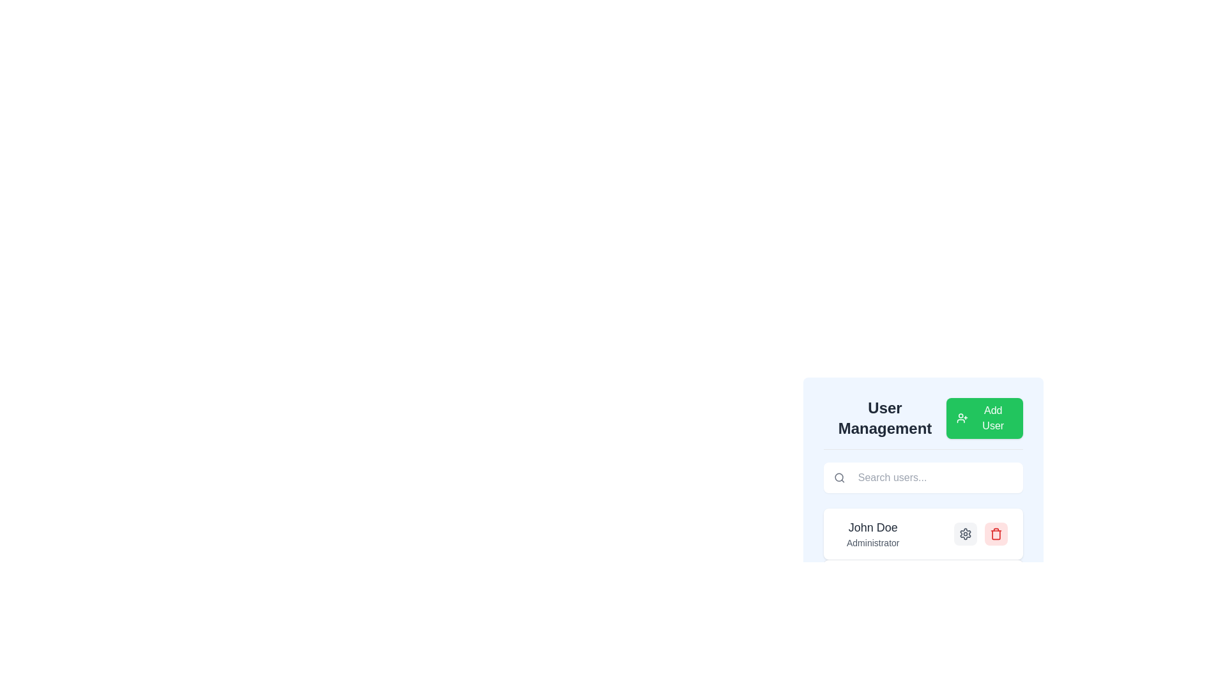  What do you see at coordinates (872, 527) in the screenshot?
I see `the user name text label located above the 'Administrator' label within the user listing section` at bounding box center [872, 527].